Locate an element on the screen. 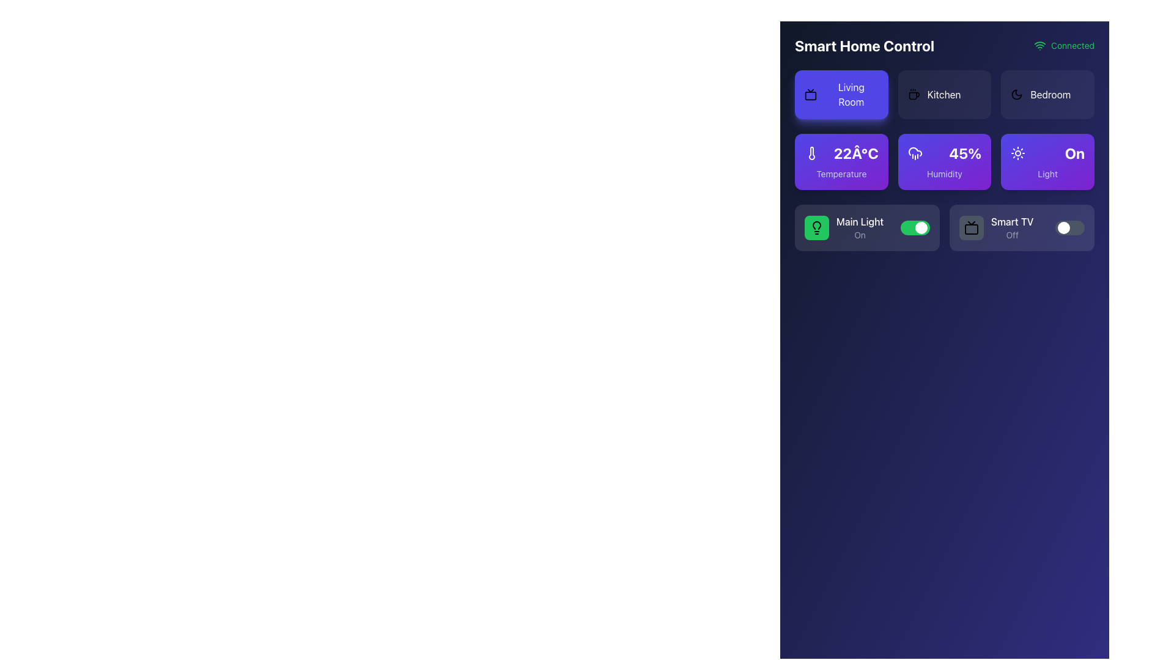 The width and height of the screenshot is (1174, 660). the button labeled 'Kitchen' which has a coffee cup icon on the left, located in the second group of options in the horizontal menu is located at coordinates (944, 94).